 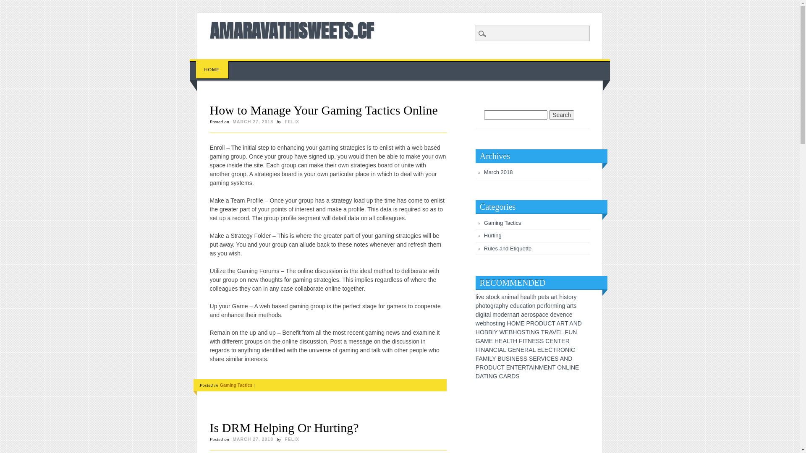 I want to click on 'd', so click(x=477, y=314).